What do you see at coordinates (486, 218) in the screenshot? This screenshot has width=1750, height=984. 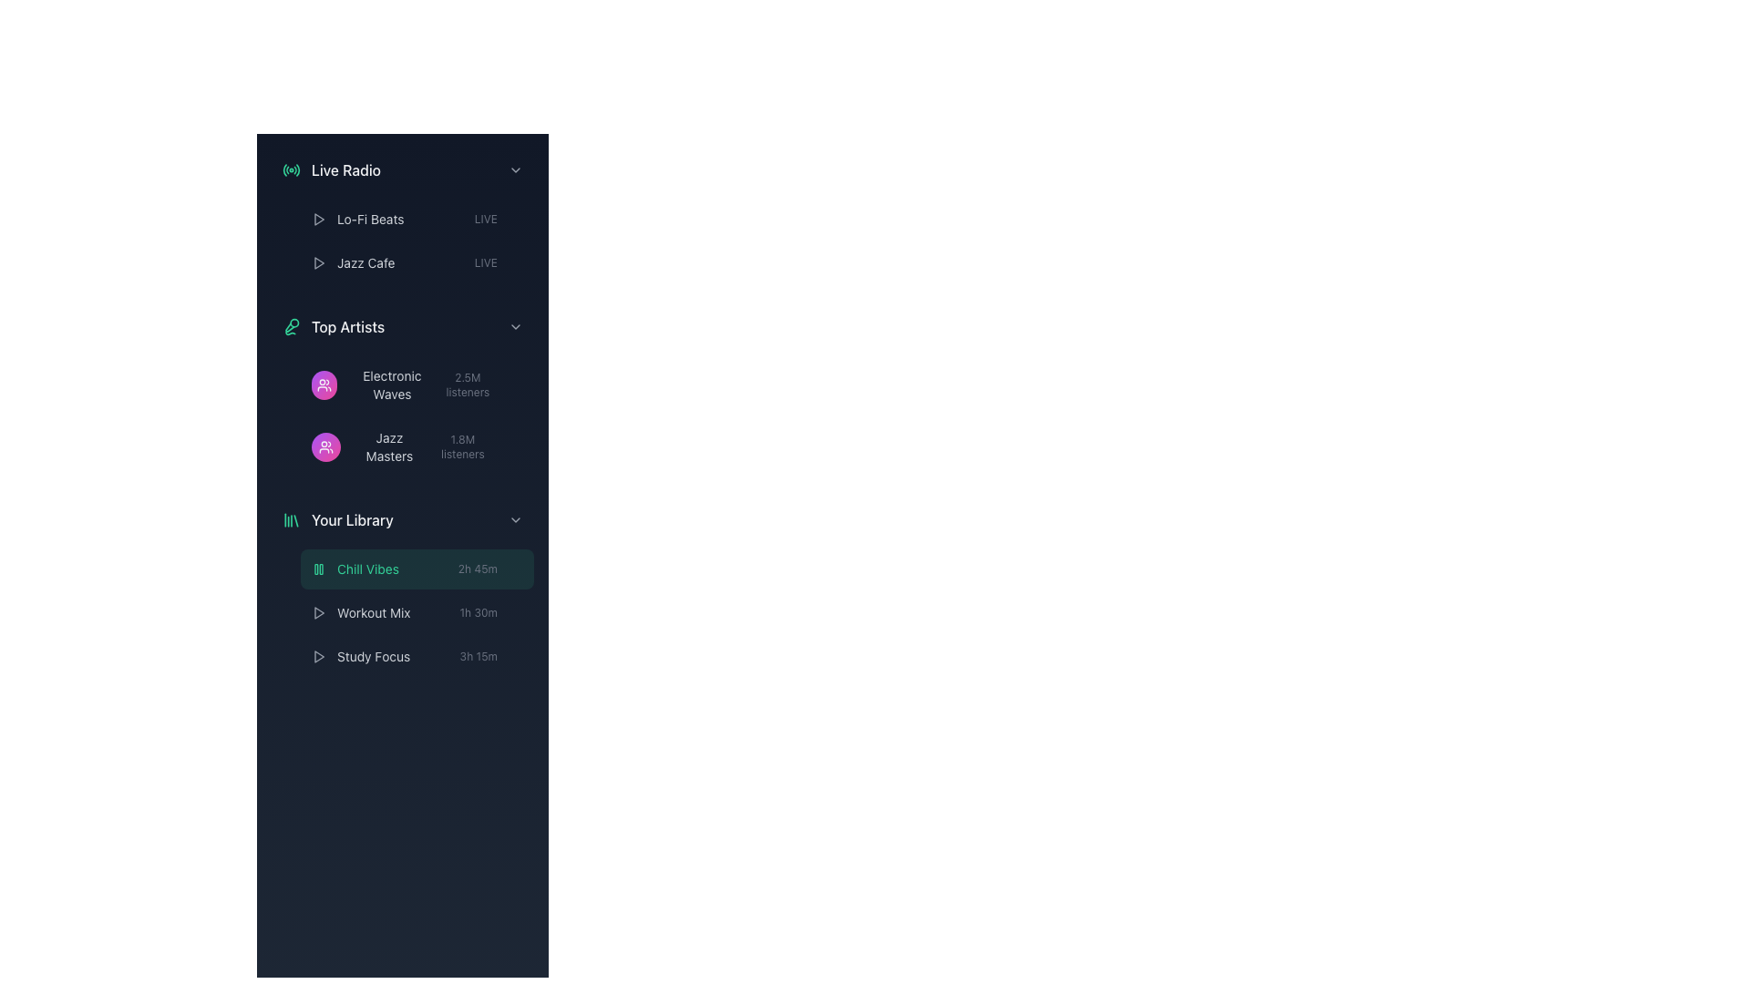 I see `the 'LIVE' text label that is styled with a small font size and light gray color, located to the right of the 'Jazz Cafe' item in the 'Live Radio' section` at bounding box center [486, 218].